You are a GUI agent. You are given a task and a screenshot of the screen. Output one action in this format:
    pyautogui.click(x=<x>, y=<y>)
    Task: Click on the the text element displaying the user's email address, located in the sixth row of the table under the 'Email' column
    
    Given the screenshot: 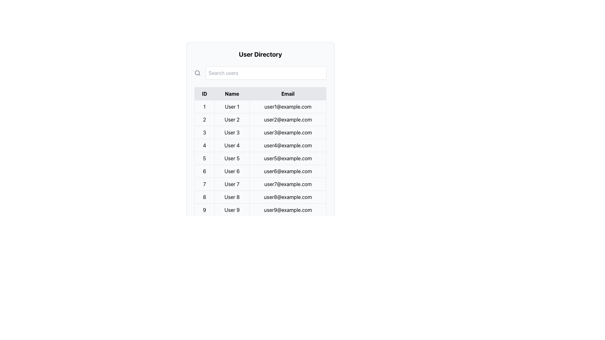 What is the action you would take?
    pyautogui.click(x=287, y=171)
    